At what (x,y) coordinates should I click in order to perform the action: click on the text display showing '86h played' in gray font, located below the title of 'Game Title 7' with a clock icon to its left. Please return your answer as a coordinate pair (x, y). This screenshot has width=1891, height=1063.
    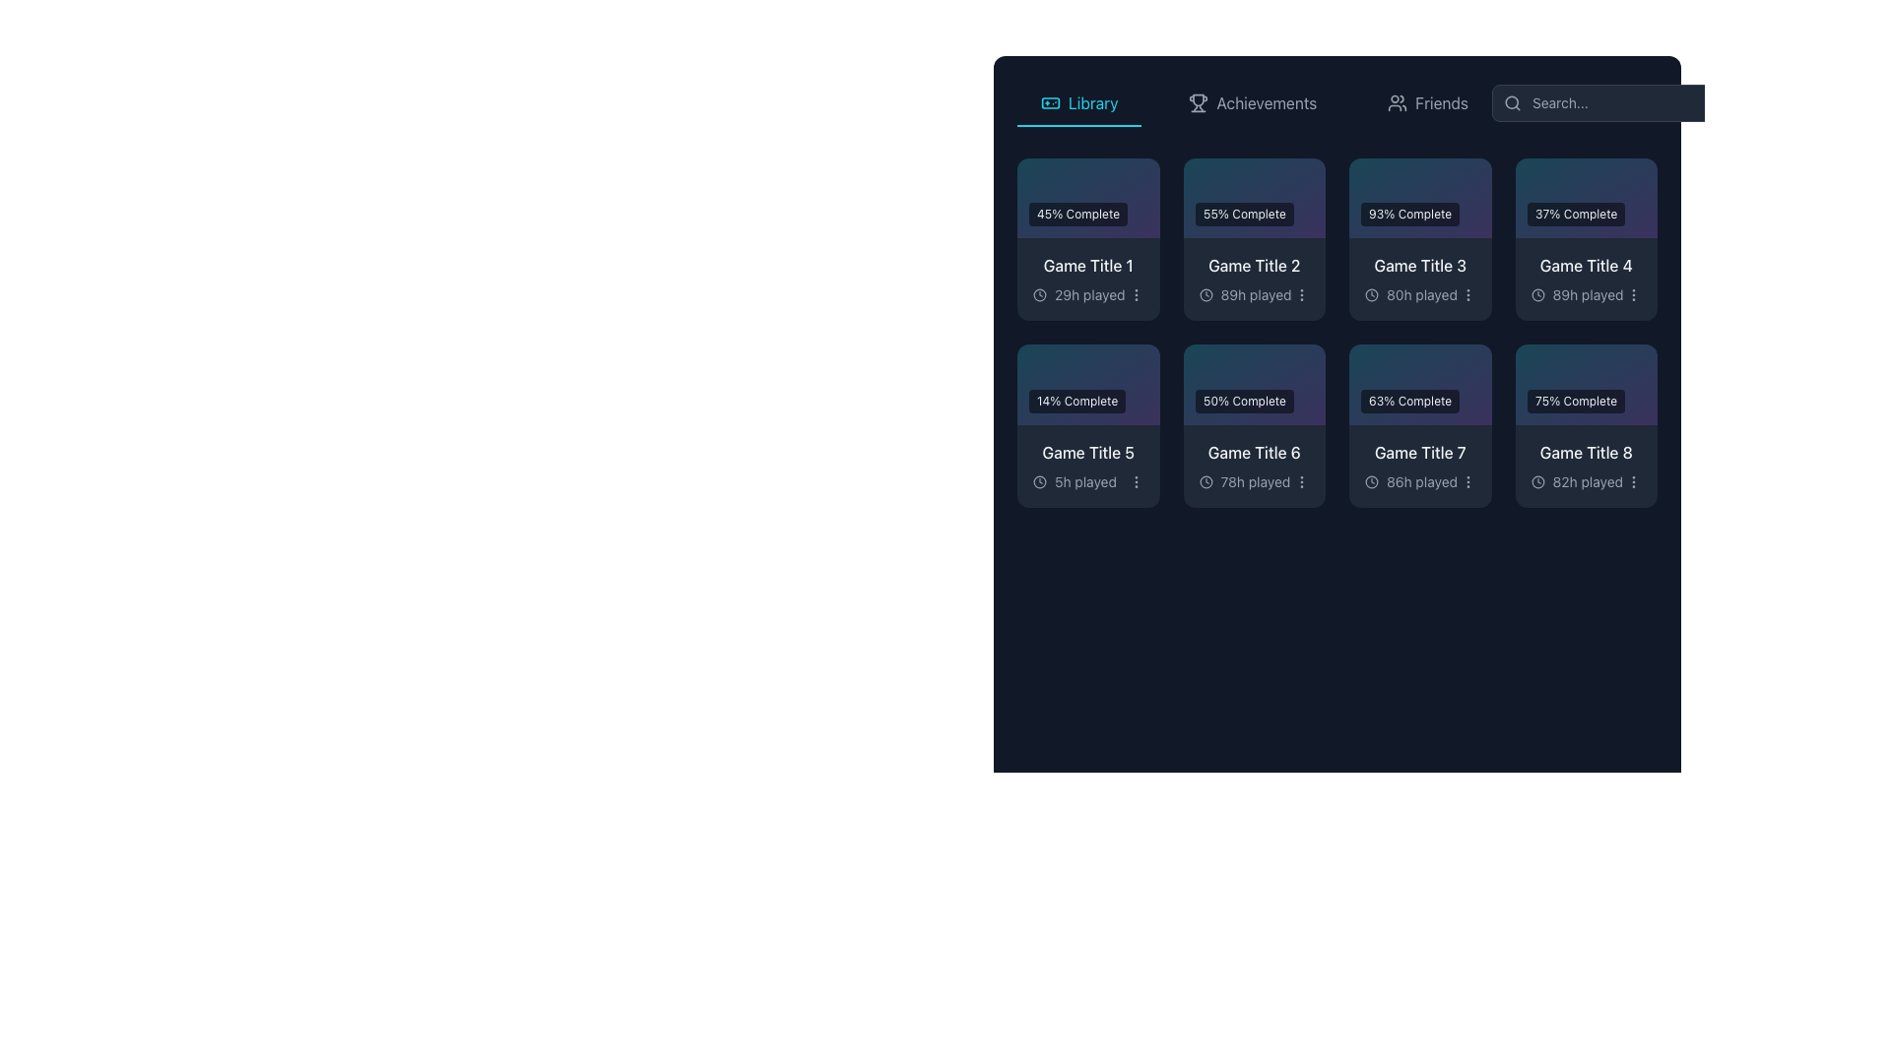
    Looking at the image, I should click on (1422, 481).